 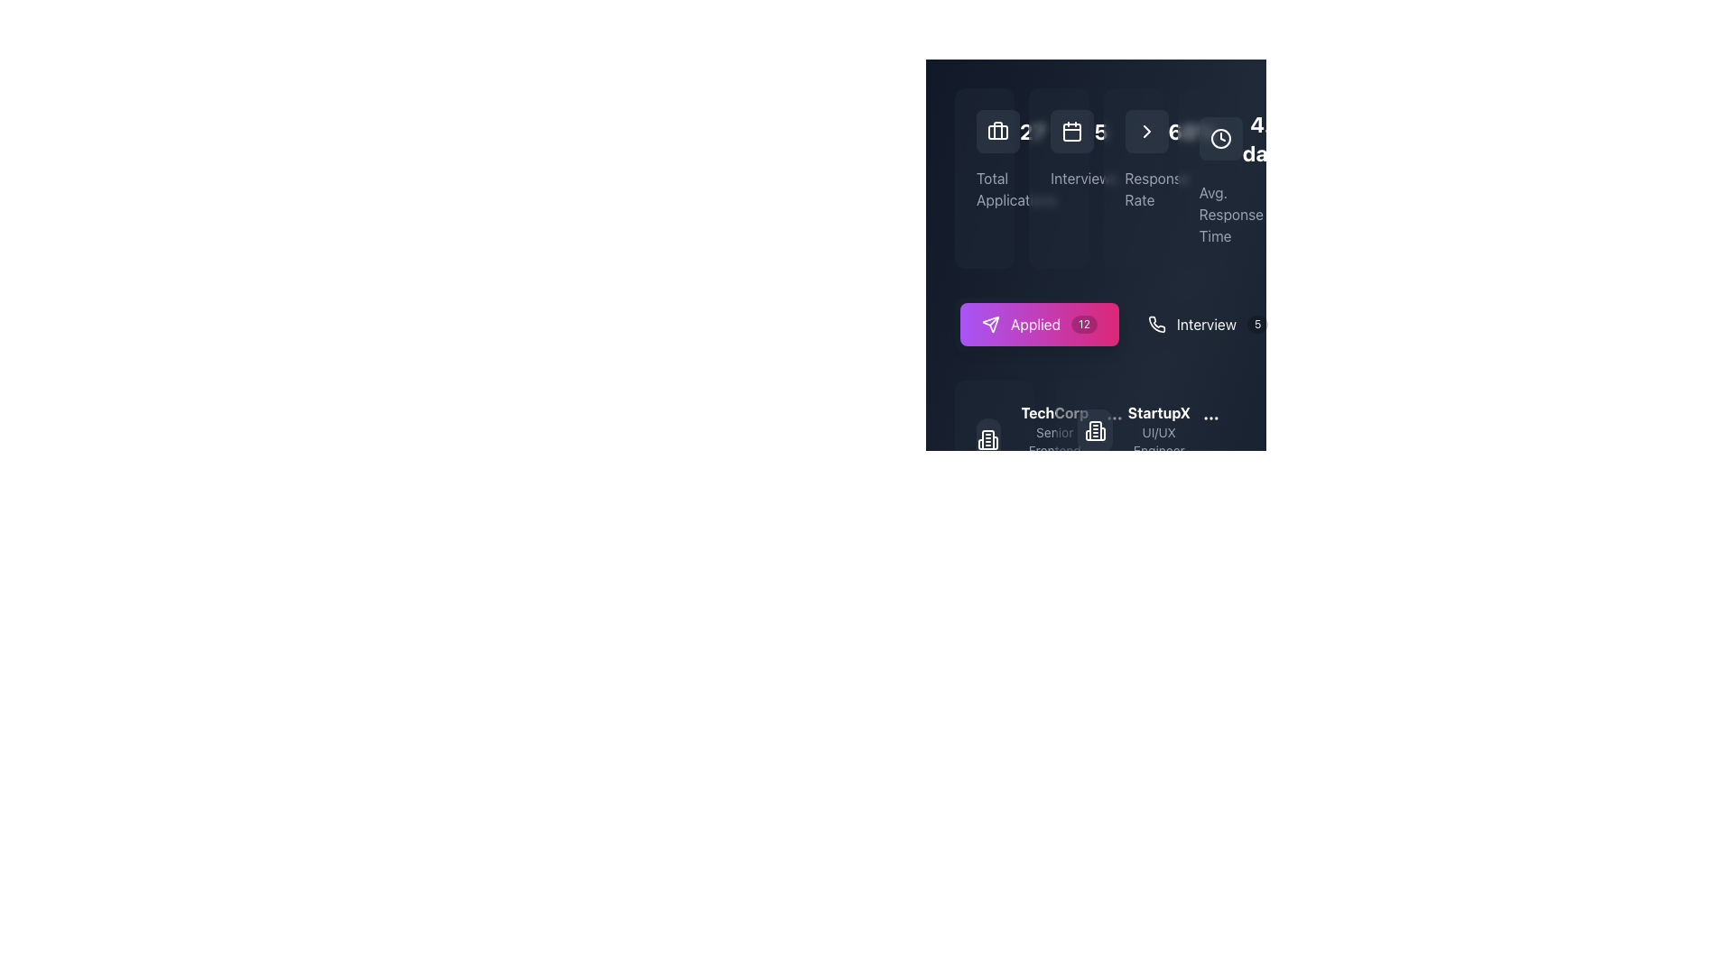 What do you see at coordinates (1054, 450) in the screenshot?
I see `the text label displaying 'Senior Frontend Developer' located below the bold header 'TechCorp' within a card-like UI component` at bounding box center [1054, 450].